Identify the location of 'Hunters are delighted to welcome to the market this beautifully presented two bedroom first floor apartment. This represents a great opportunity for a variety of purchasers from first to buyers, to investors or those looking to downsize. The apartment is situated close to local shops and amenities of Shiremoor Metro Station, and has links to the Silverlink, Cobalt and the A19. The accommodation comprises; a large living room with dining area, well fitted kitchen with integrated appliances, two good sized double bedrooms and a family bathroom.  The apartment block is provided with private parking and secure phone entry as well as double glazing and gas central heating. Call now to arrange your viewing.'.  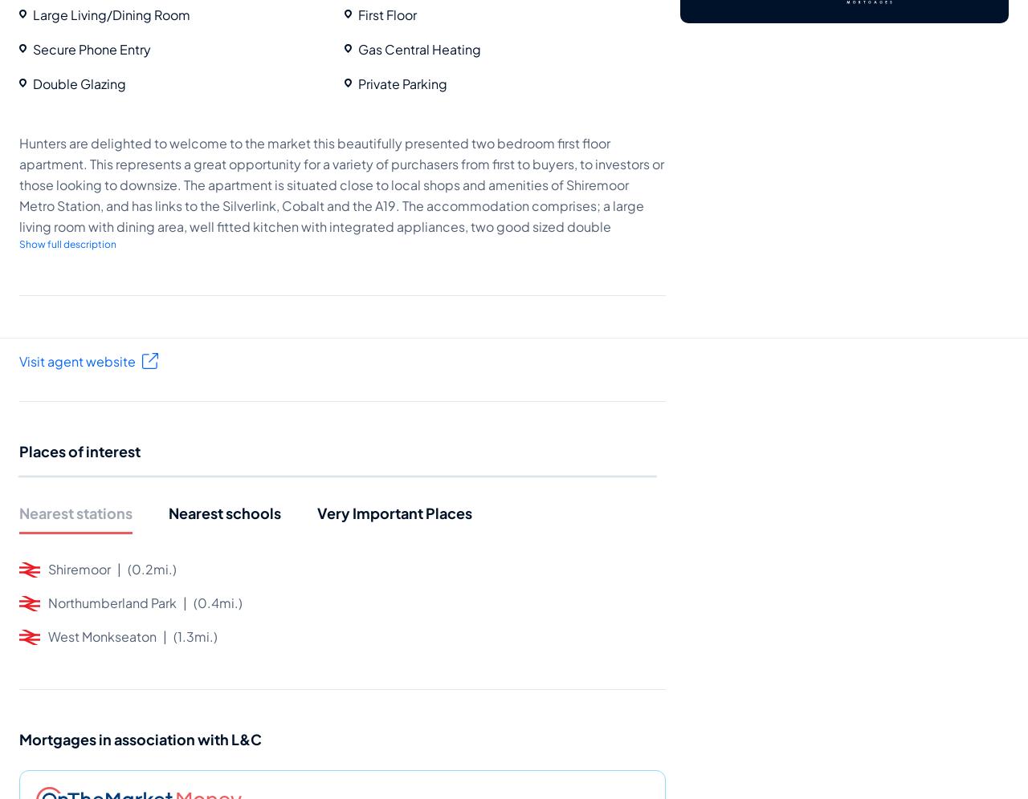
(341, 205).